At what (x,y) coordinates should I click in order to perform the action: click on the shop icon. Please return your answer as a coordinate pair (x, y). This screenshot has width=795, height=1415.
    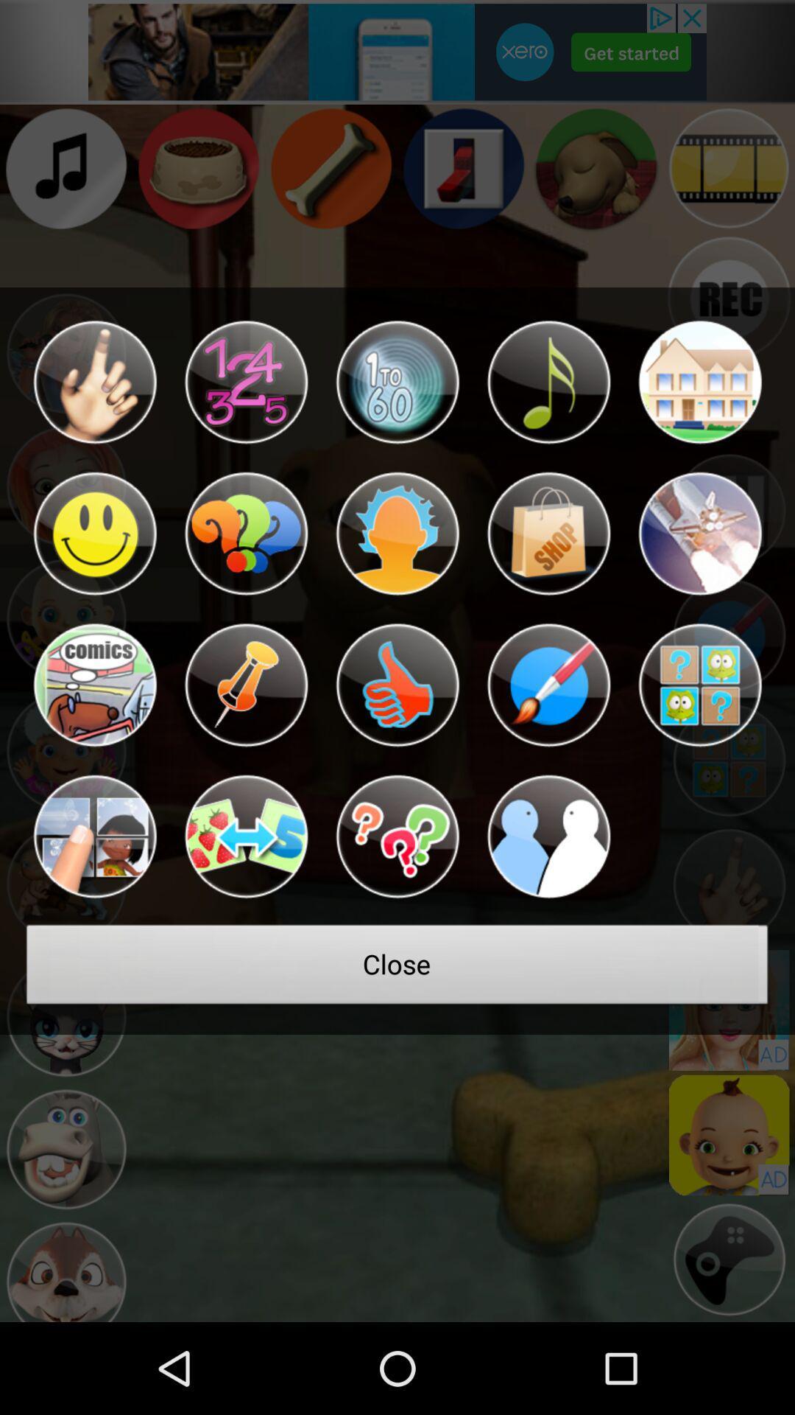
    Looking at the image, I should click on (548, 570).